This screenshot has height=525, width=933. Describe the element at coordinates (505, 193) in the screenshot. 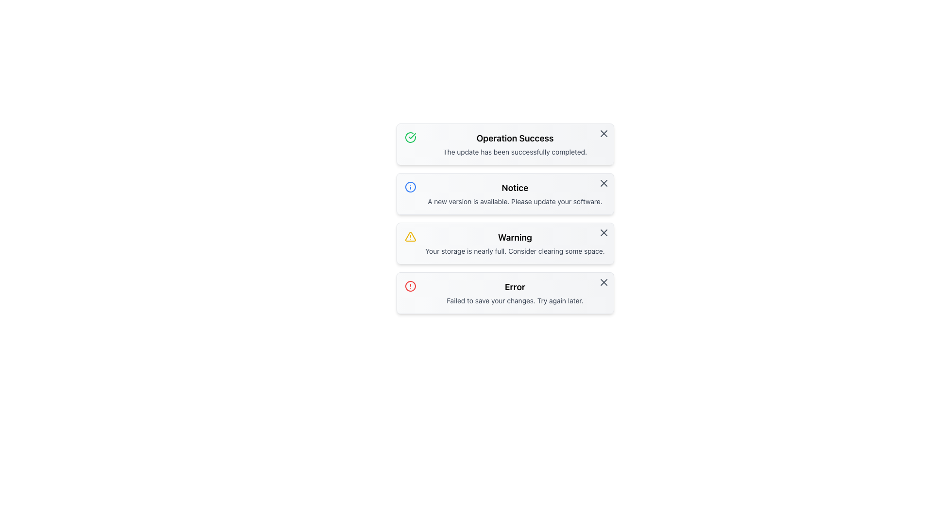

I see `information displayed in the Notification Card titled 'Notice' that indicates a new software version is available` at that location.